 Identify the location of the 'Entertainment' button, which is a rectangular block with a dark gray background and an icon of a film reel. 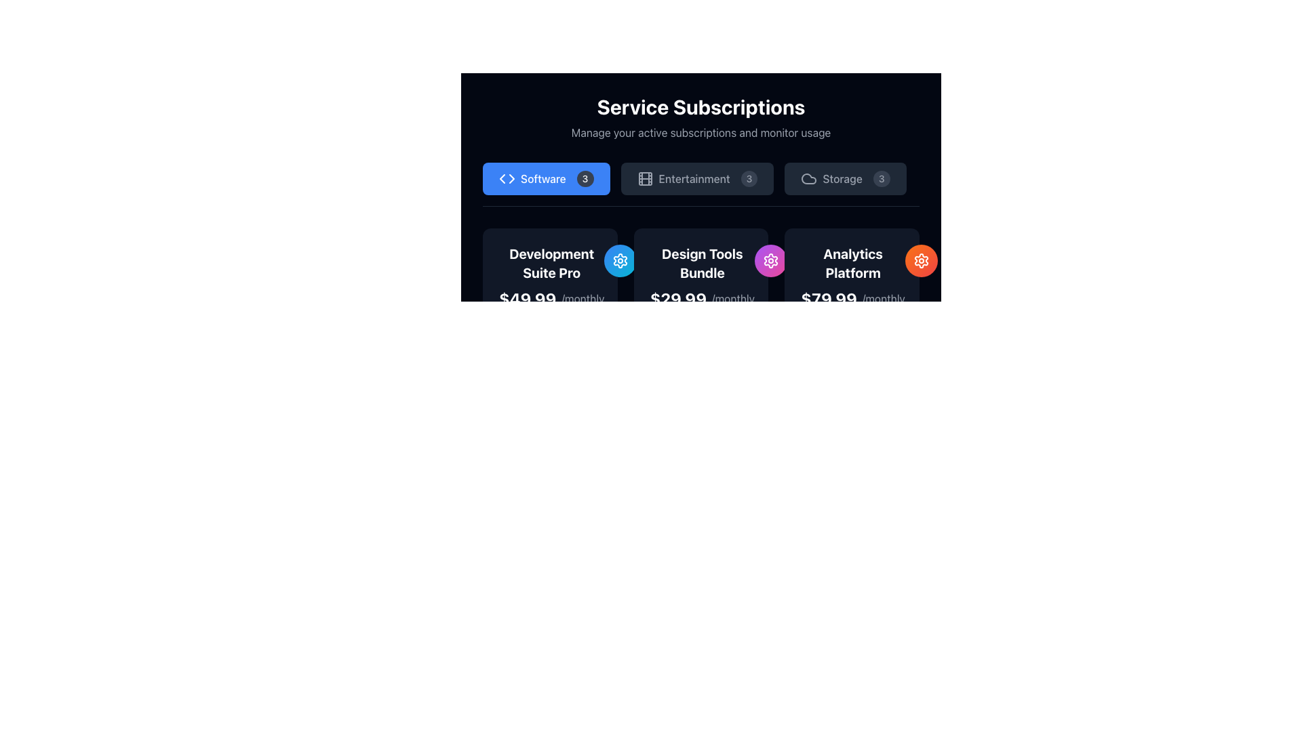
(701, 184).